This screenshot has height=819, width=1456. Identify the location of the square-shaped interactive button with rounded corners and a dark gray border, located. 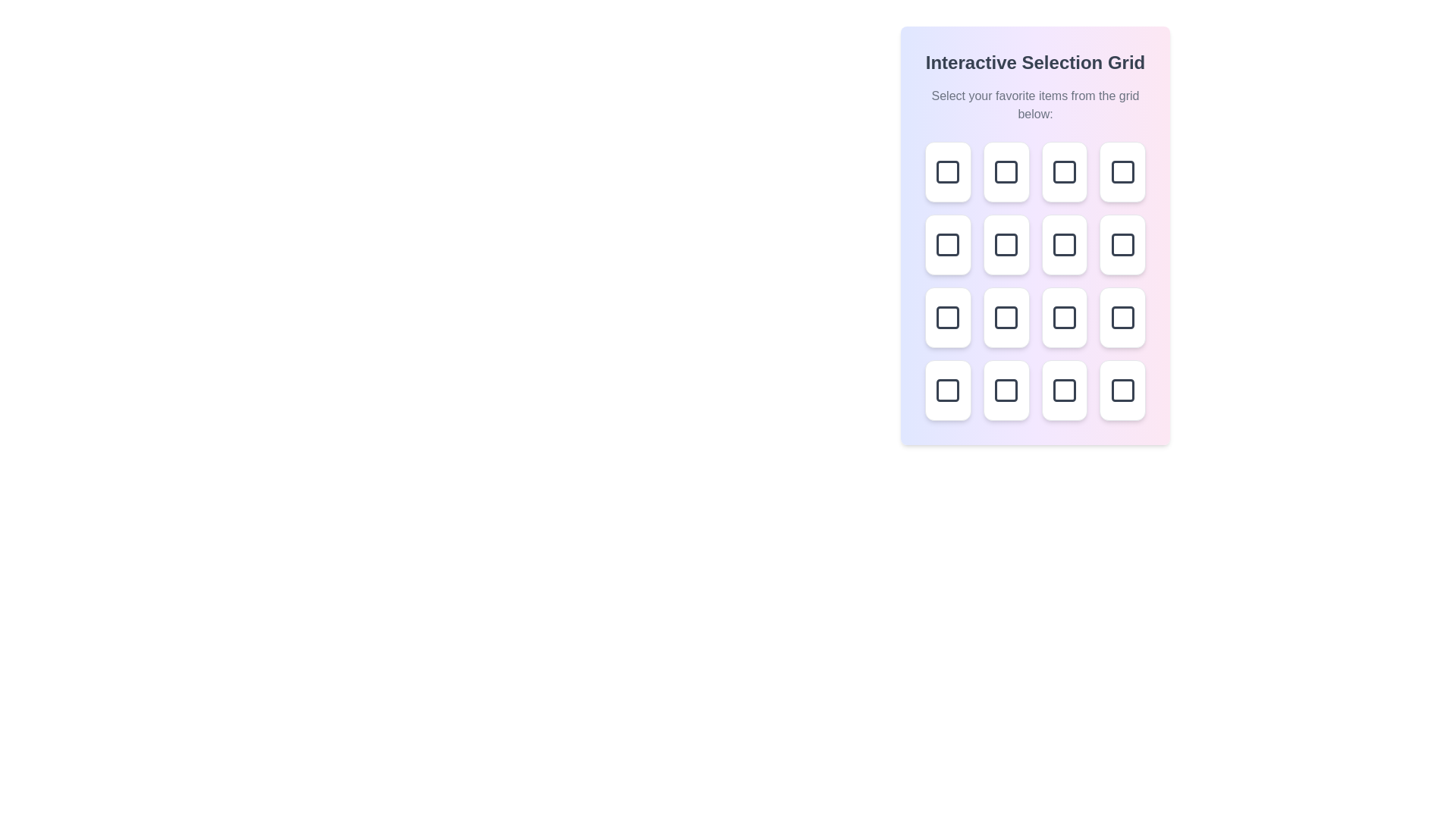
(1063, 171).